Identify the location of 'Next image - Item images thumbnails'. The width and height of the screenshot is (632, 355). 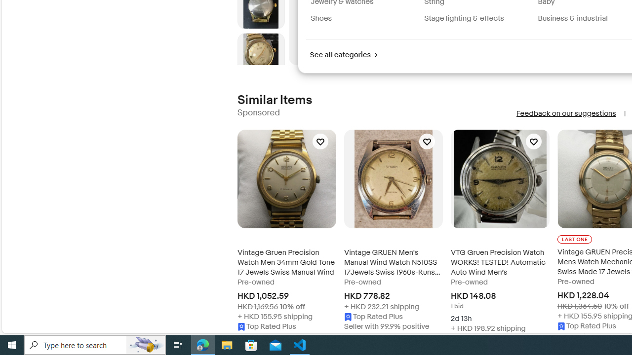
(261, 63).